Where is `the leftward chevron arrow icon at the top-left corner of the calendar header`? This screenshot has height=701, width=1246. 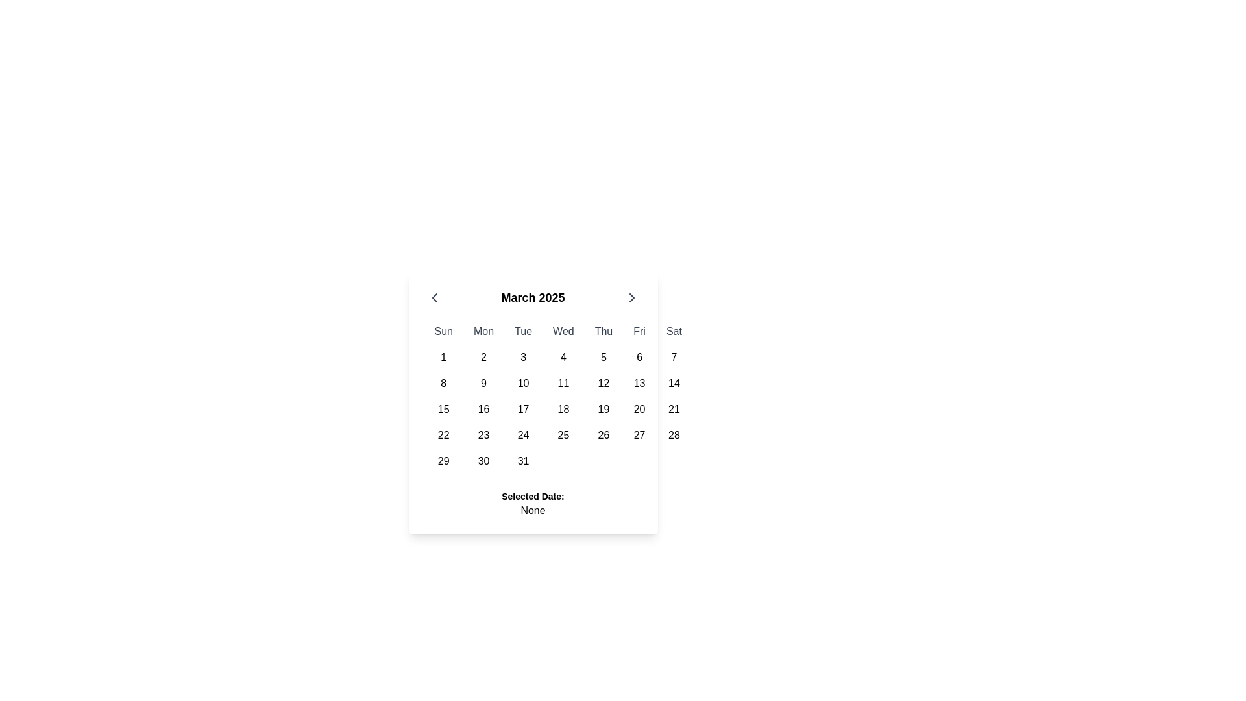 the leftward chevron arrow icon at the top-left corner of the calendar header is located at coordinates (434, 298).